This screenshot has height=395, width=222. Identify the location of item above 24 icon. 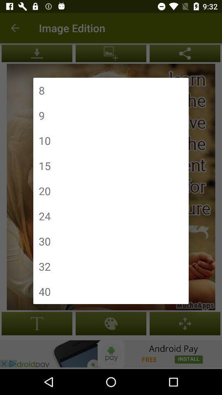
(44, 191).